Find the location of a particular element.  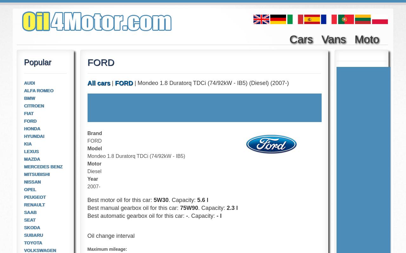

'All cars' is located at coordinates (98, 83).